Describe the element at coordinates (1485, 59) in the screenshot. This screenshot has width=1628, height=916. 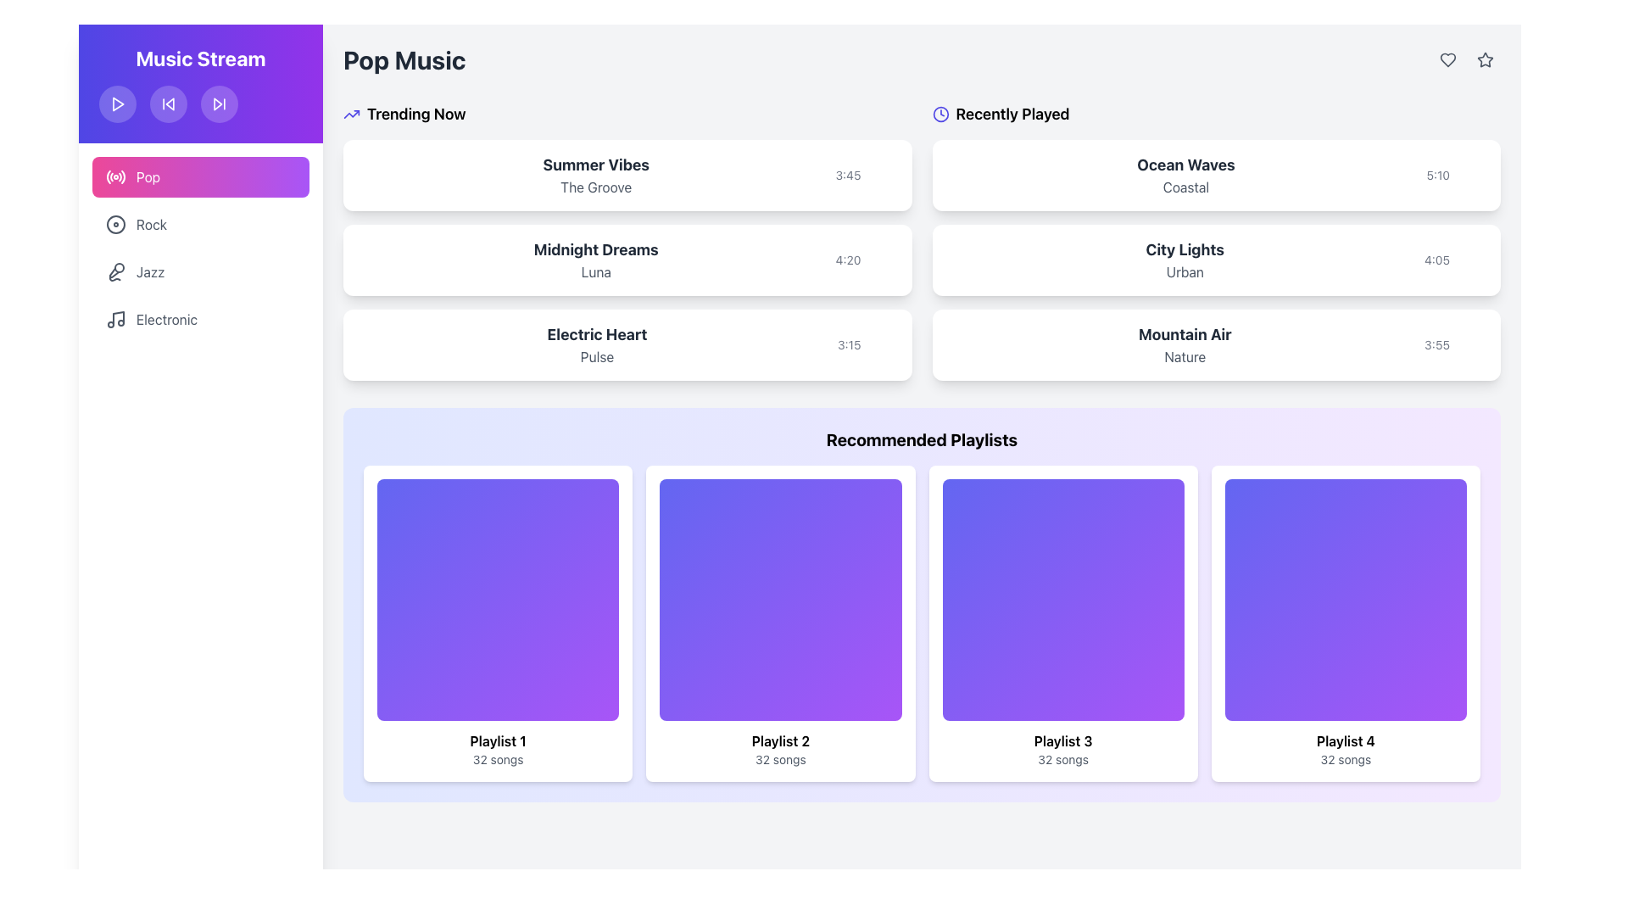
I see `the star-shaped icon located in the top-right corner of the interface` at that location.